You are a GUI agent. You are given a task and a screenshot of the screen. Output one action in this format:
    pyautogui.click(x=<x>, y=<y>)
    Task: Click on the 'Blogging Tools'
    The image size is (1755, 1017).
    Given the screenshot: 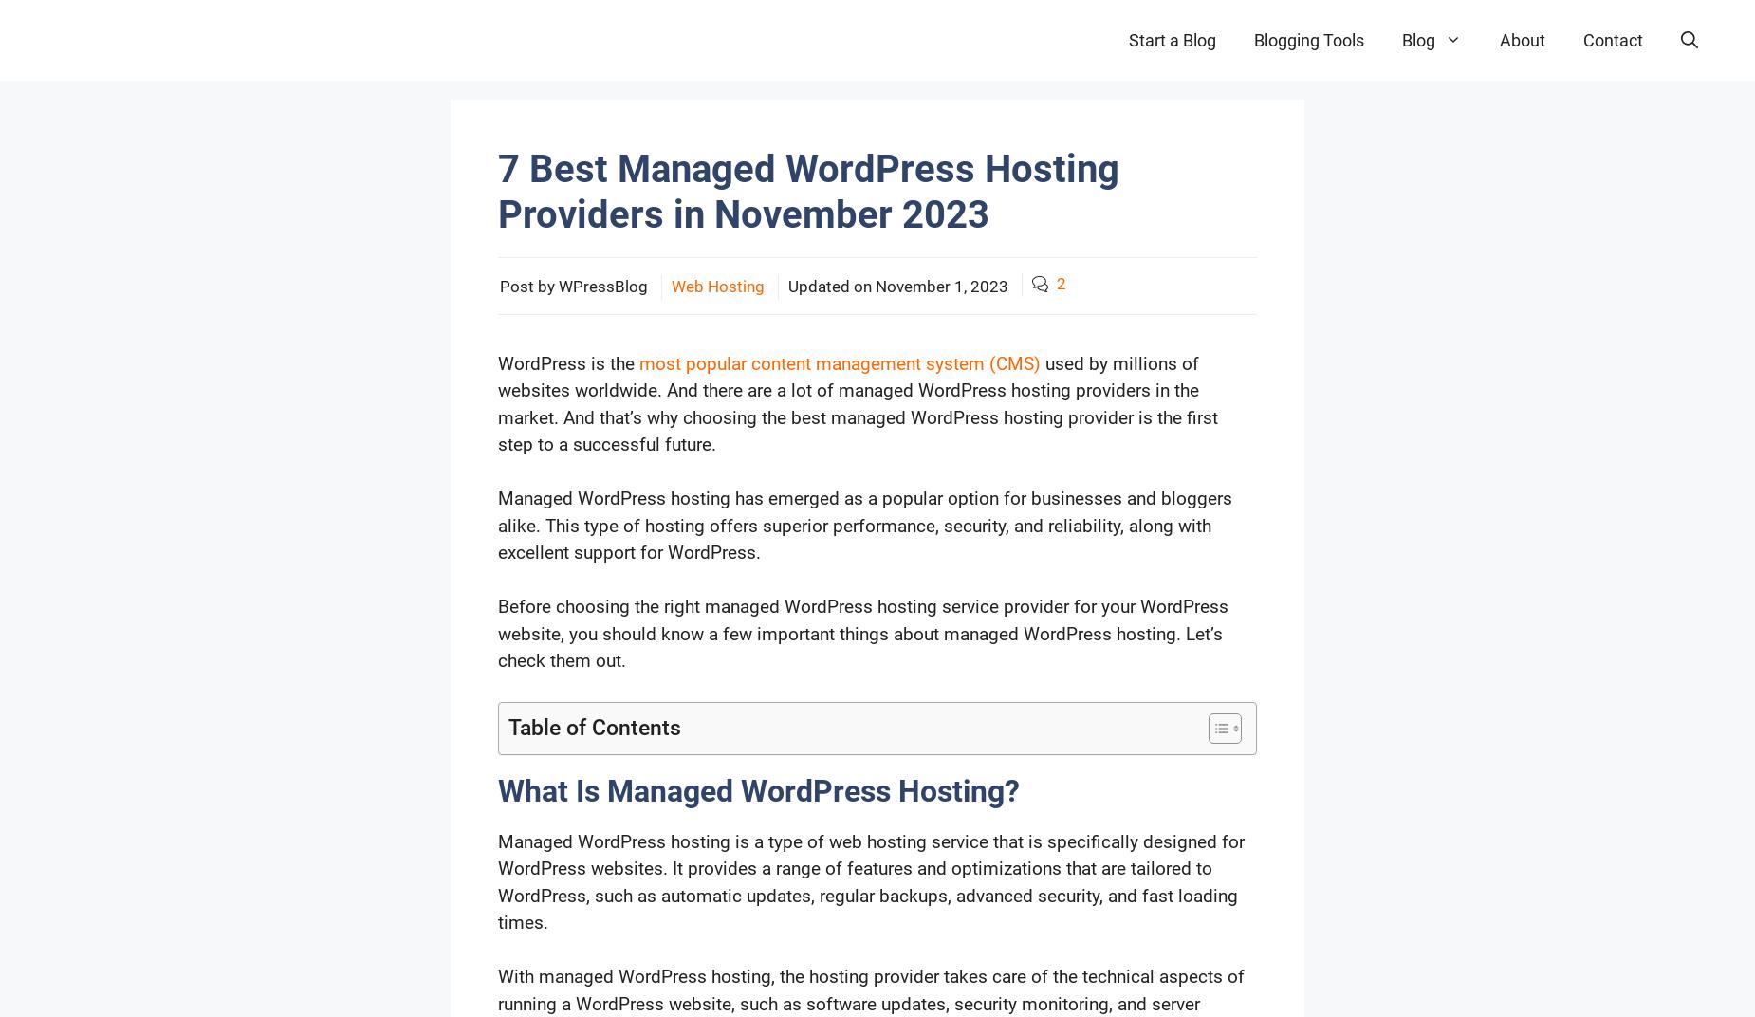 What is the action you would take?
    pyautogui.click(x=1253, y=39)
    